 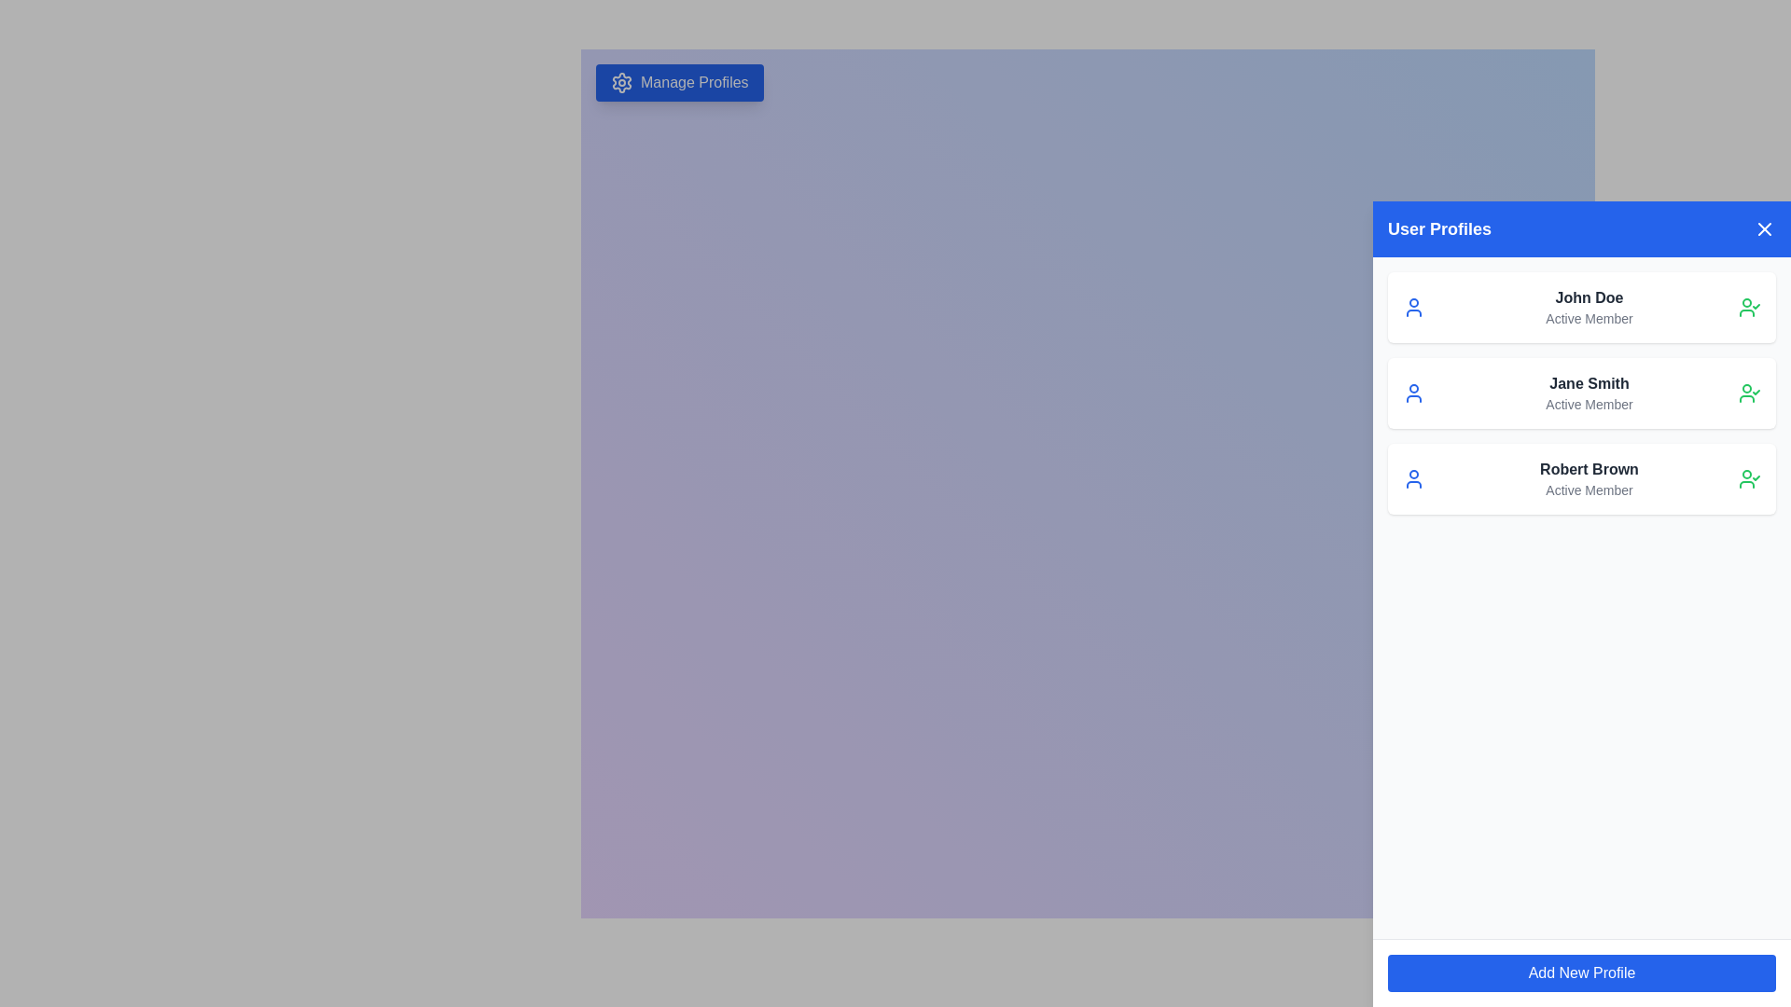 I want to click on the gear icon located at the leftmost side of the 'Manage Profiles' button, so click(x=622, y=81).